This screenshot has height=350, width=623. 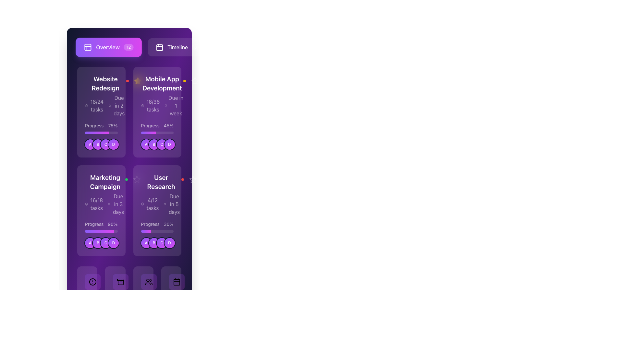 What do you see at coordinates (142, 81) in the screenshot?
I see `the golden star icon located to the left of the 'Mobile App Development' project's title text` at bounding box center [142, 81].